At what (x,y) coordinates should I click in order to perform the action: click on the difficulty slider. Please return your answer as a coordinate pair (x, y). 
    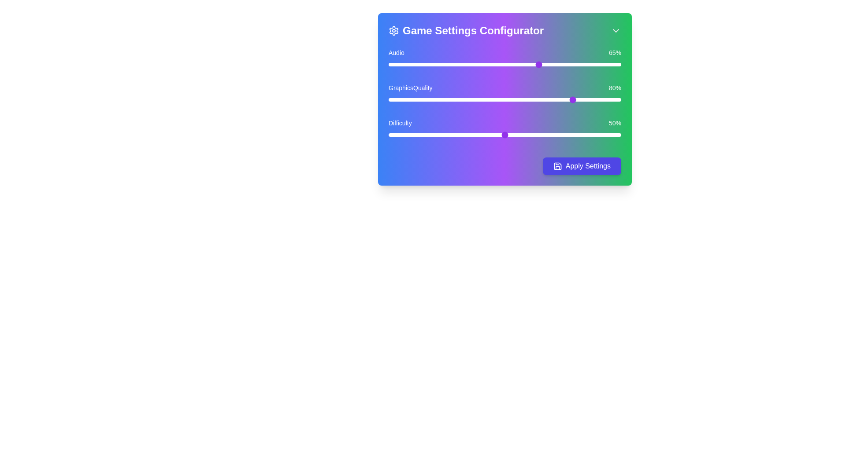
    Looking at the image, I should click on (418, 135).